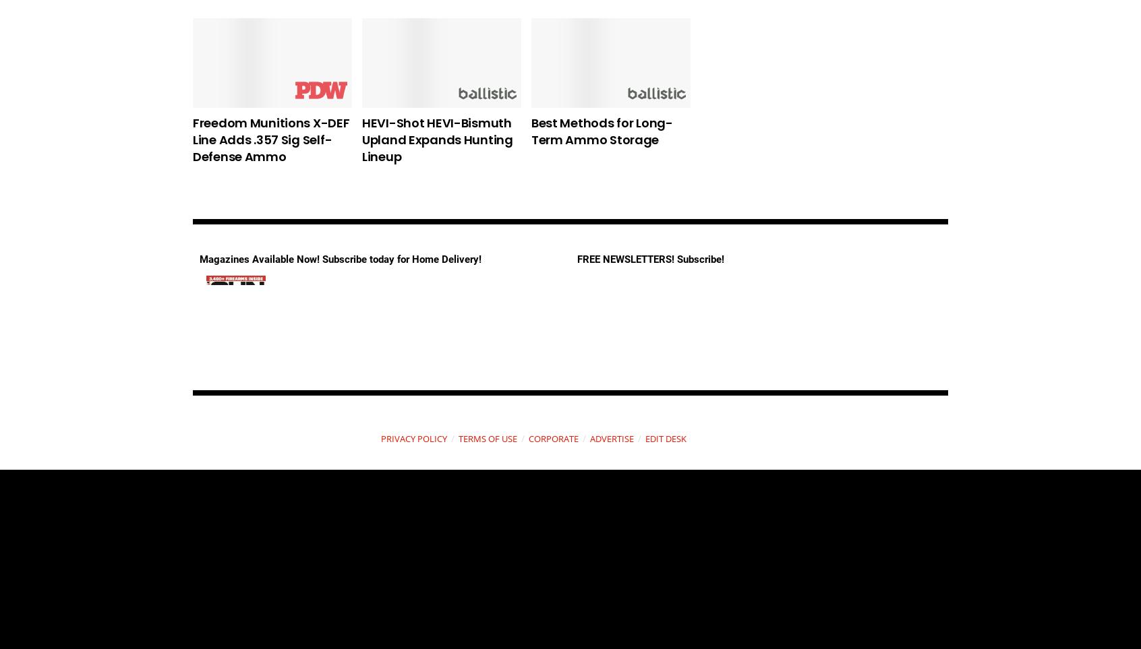 Image resolution: width=1141 pixels, height=649 pixels. I want to click on '.410 Ammo for Home Defense [2023]', so click(761, 131).